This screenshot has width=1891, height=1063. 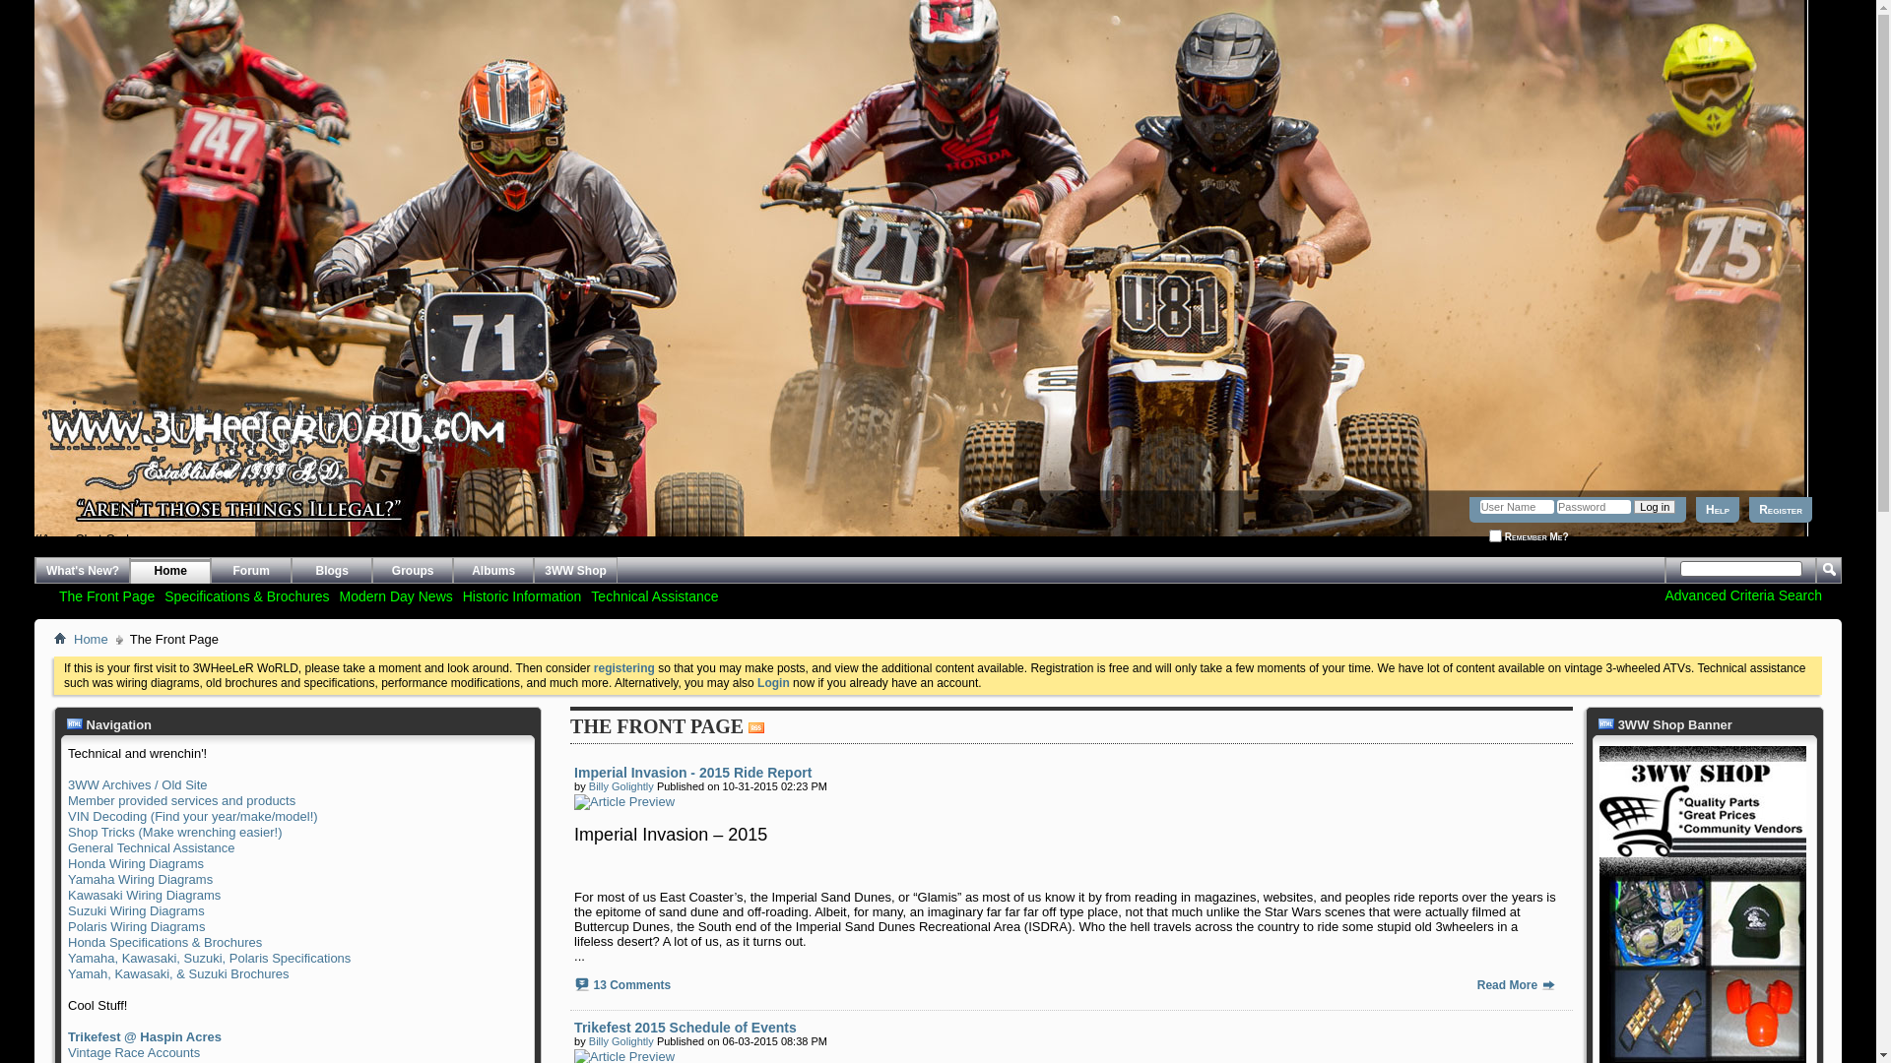 I want to click on 'Historic Information', so click(x=522, y=594).